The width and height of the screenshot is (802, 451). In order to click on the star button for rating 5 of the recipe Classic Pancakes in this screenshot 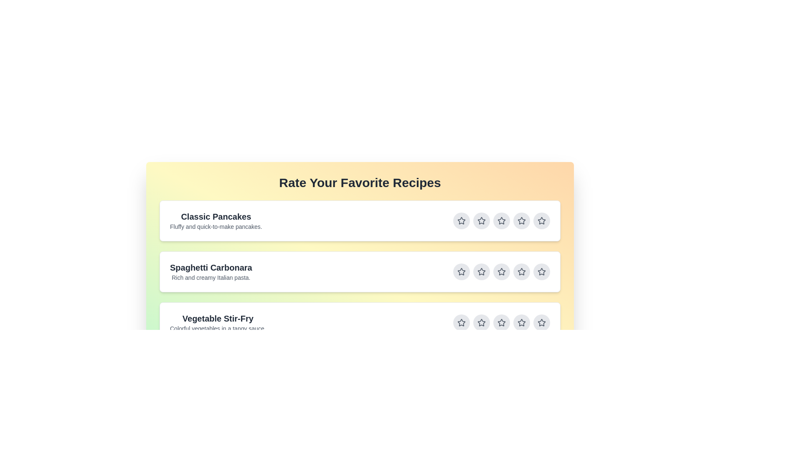, I will do `click(541, 220)`.